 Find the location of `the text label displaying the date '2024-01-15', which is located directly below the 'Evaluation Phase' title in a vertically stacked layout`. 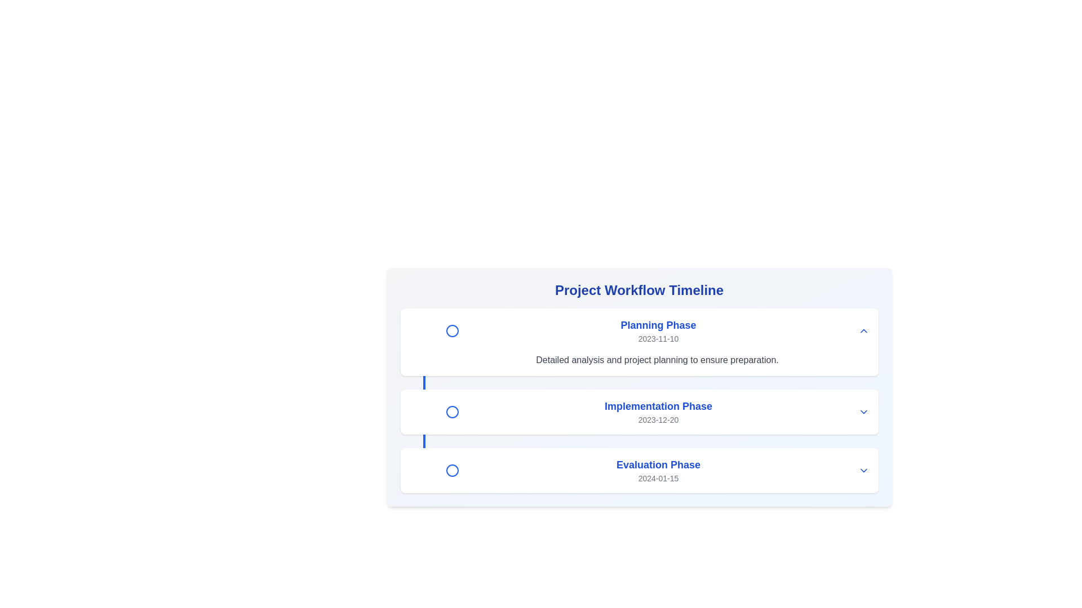

the text label displaying the date '2024-01-15', which is located directly below the 'Evaluation Phase' title in a vertically stacked layout is located at coordinates (658, 478).